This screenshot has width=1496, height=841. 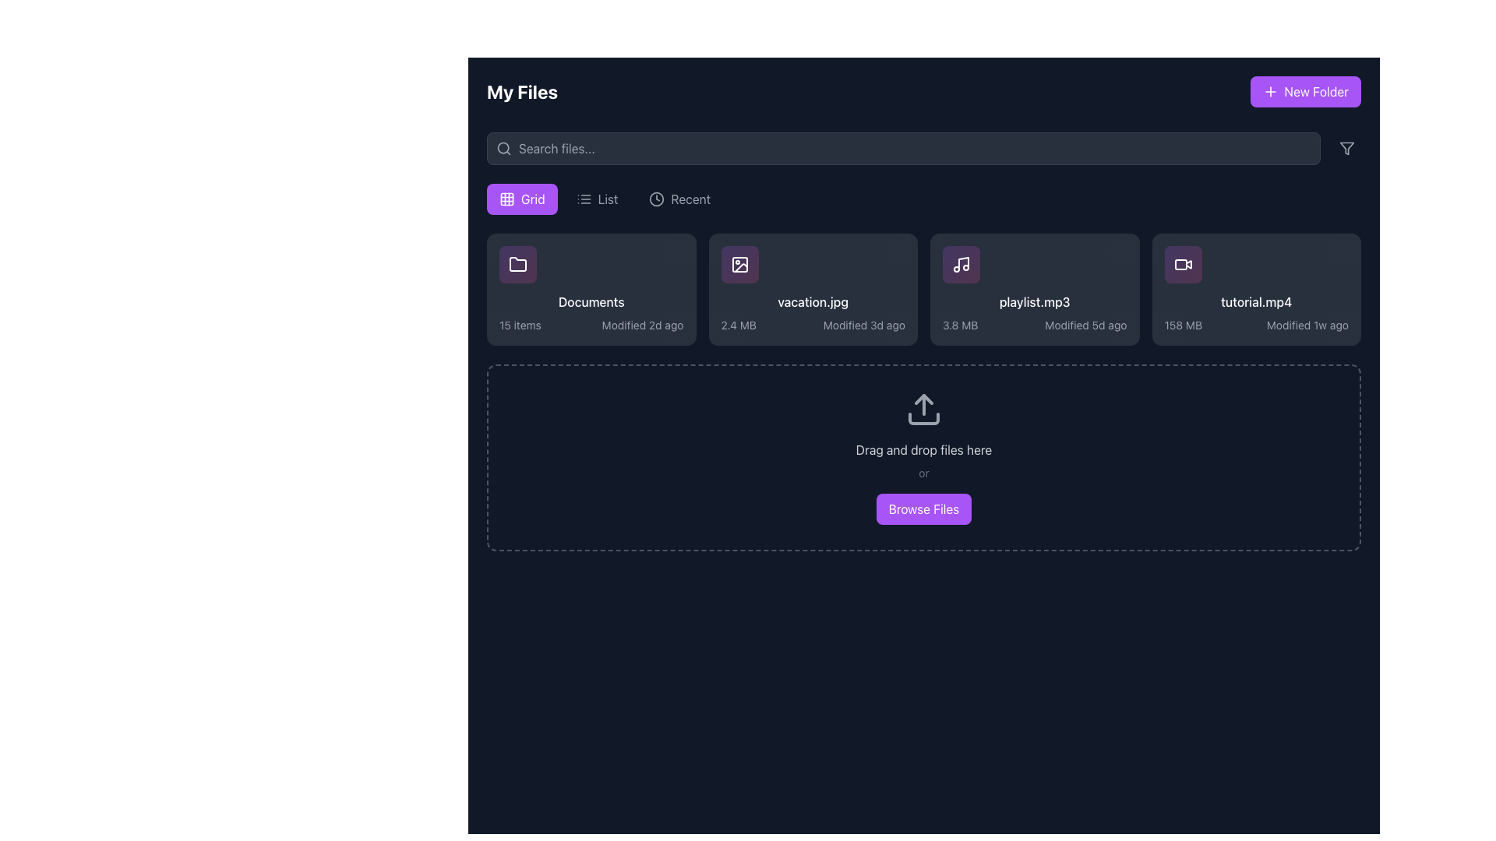 What do you see at coordinates (1340, 263) in the screenshot?
I see `the menu toggler button located in the top-right corner of the 'tutorial.mp4' card` at bounding box center [1340, 263].